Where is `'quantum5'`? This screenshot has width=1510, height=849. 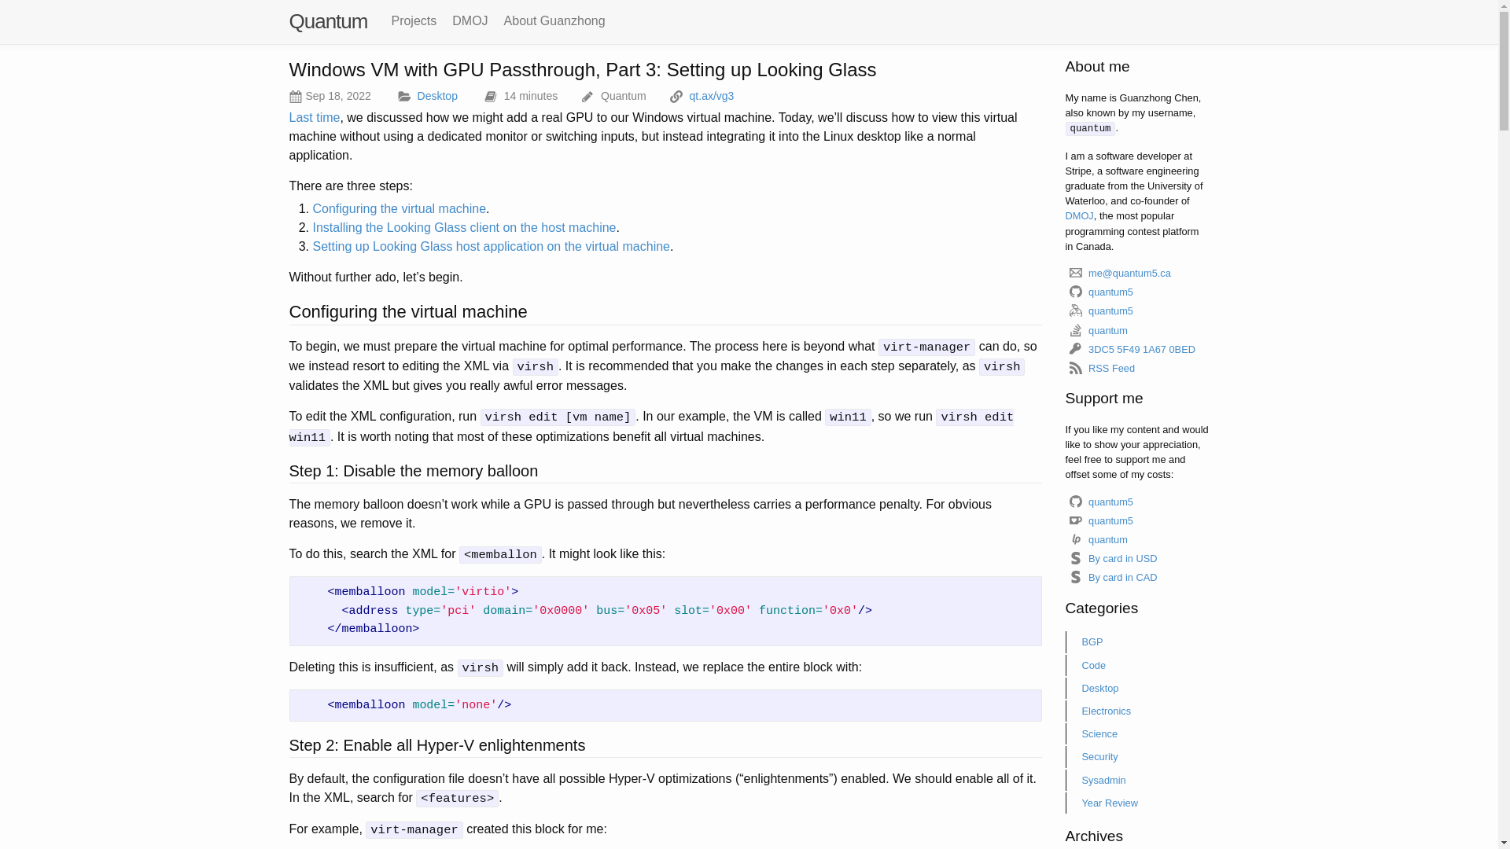 'quantum5' is located at coordinates (1099, 520).